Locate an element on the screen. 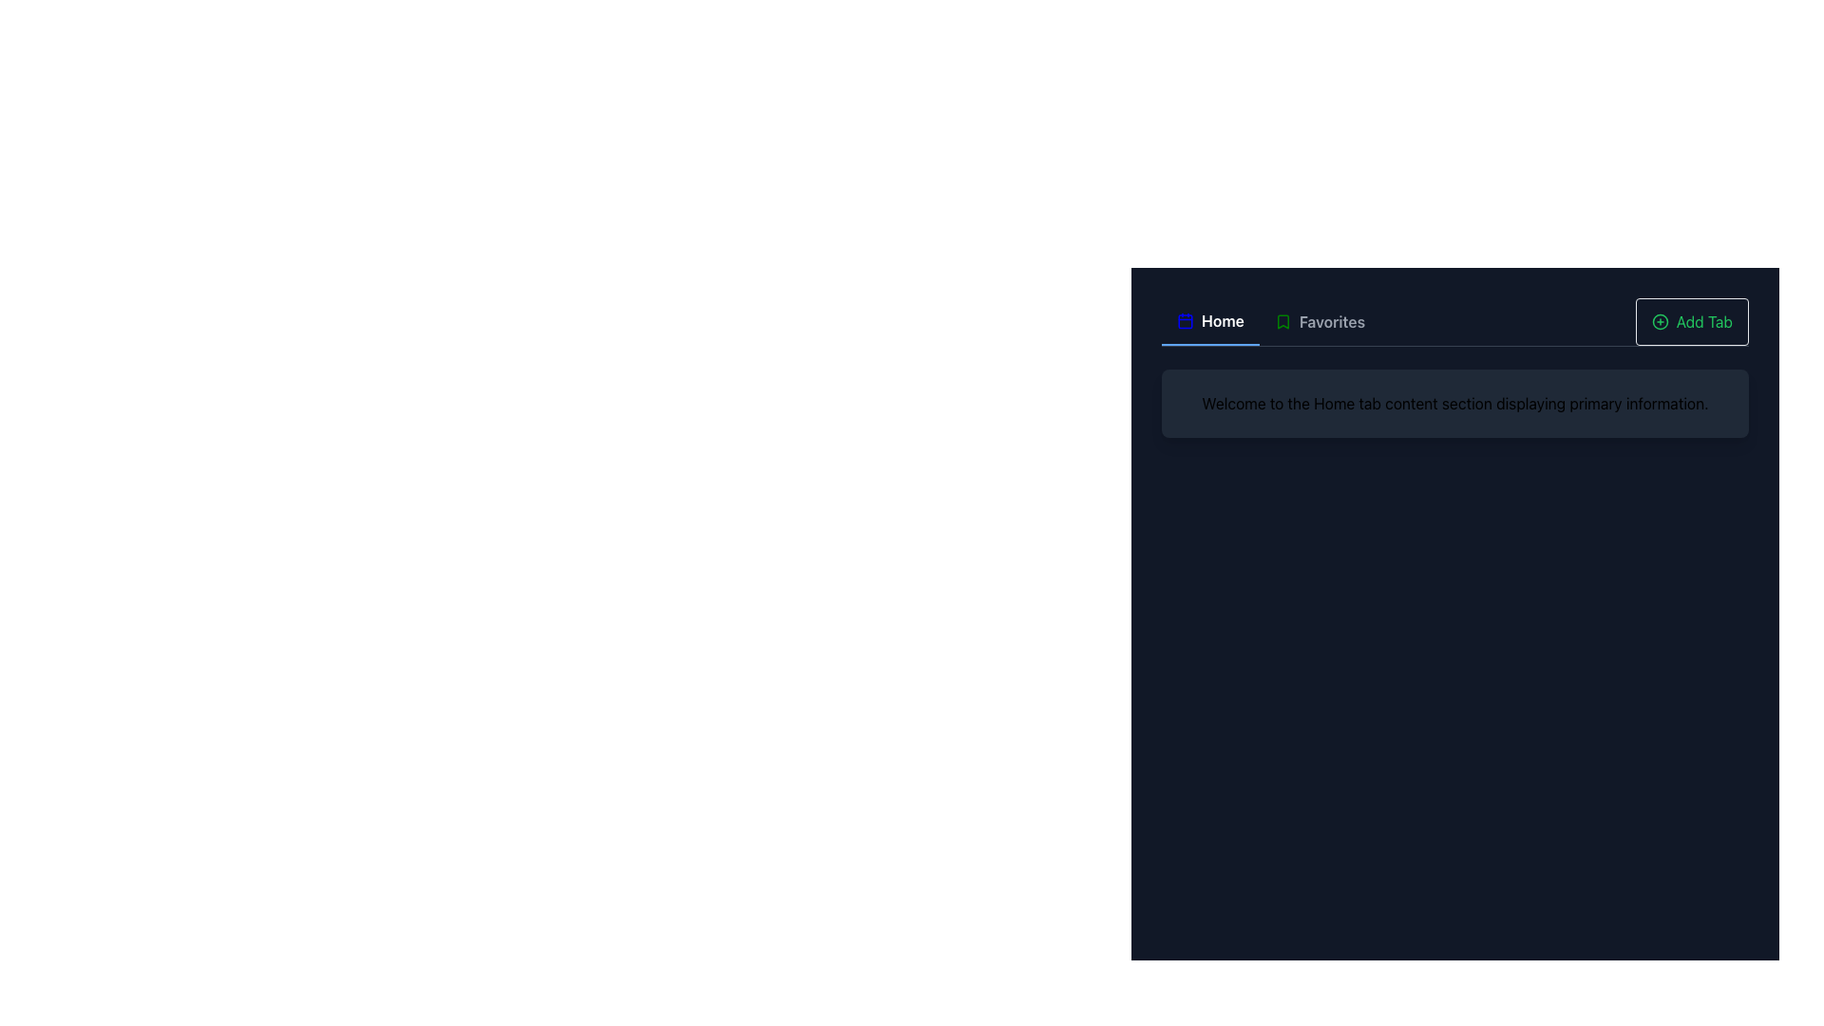 This screenshot has width=1824, height=1026. the circular icon with a plus symbol inside it, which is part of the 'Add Tab' button is located at coordinates (1659, 321).